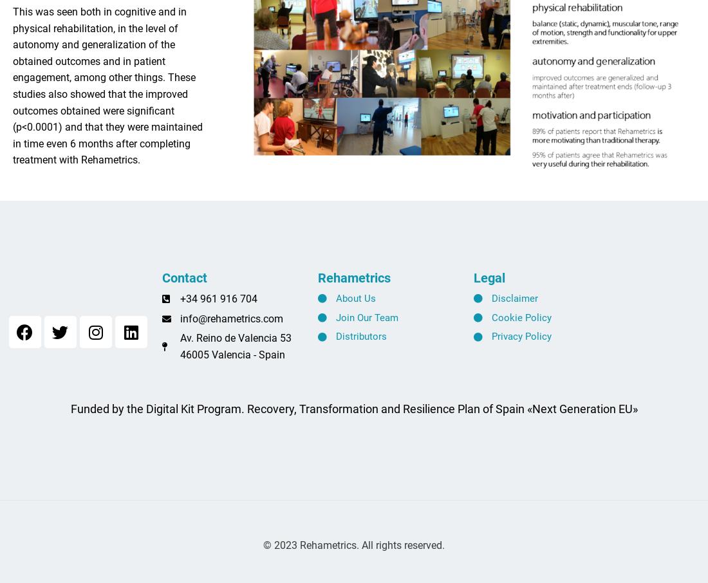  What do you see at coordinates (368, 324) in the screenshot?
I see `'Join Our Team'` at bounding box center [368, 324].